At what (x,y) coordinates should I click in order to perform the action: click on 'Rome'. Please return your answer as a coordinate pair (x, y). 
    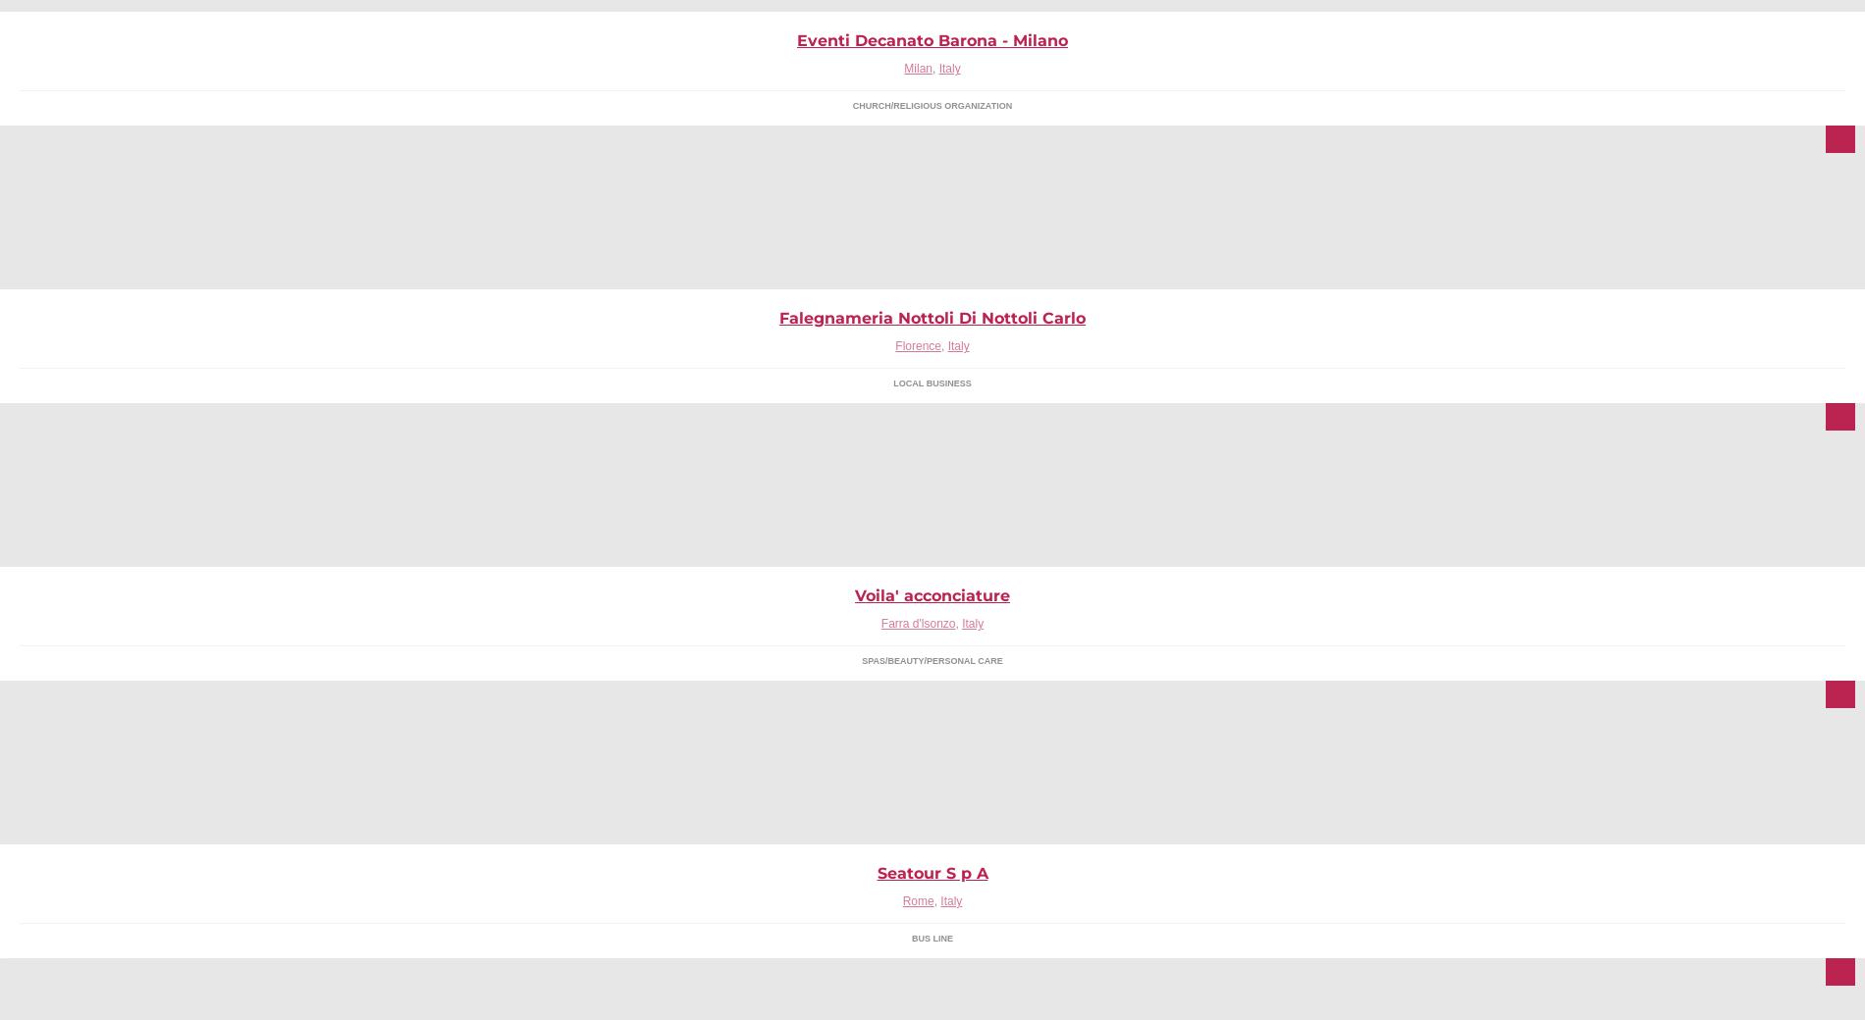
    Looking at the image, I should click on (901, 901).